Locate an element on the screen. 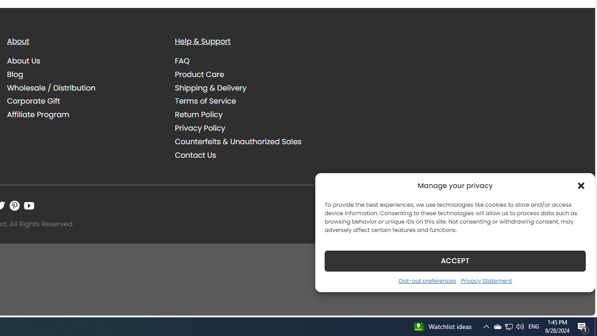 The width and height of the screenshot is (597, 336). 'FAQ' is located at coordinates (252, 61).